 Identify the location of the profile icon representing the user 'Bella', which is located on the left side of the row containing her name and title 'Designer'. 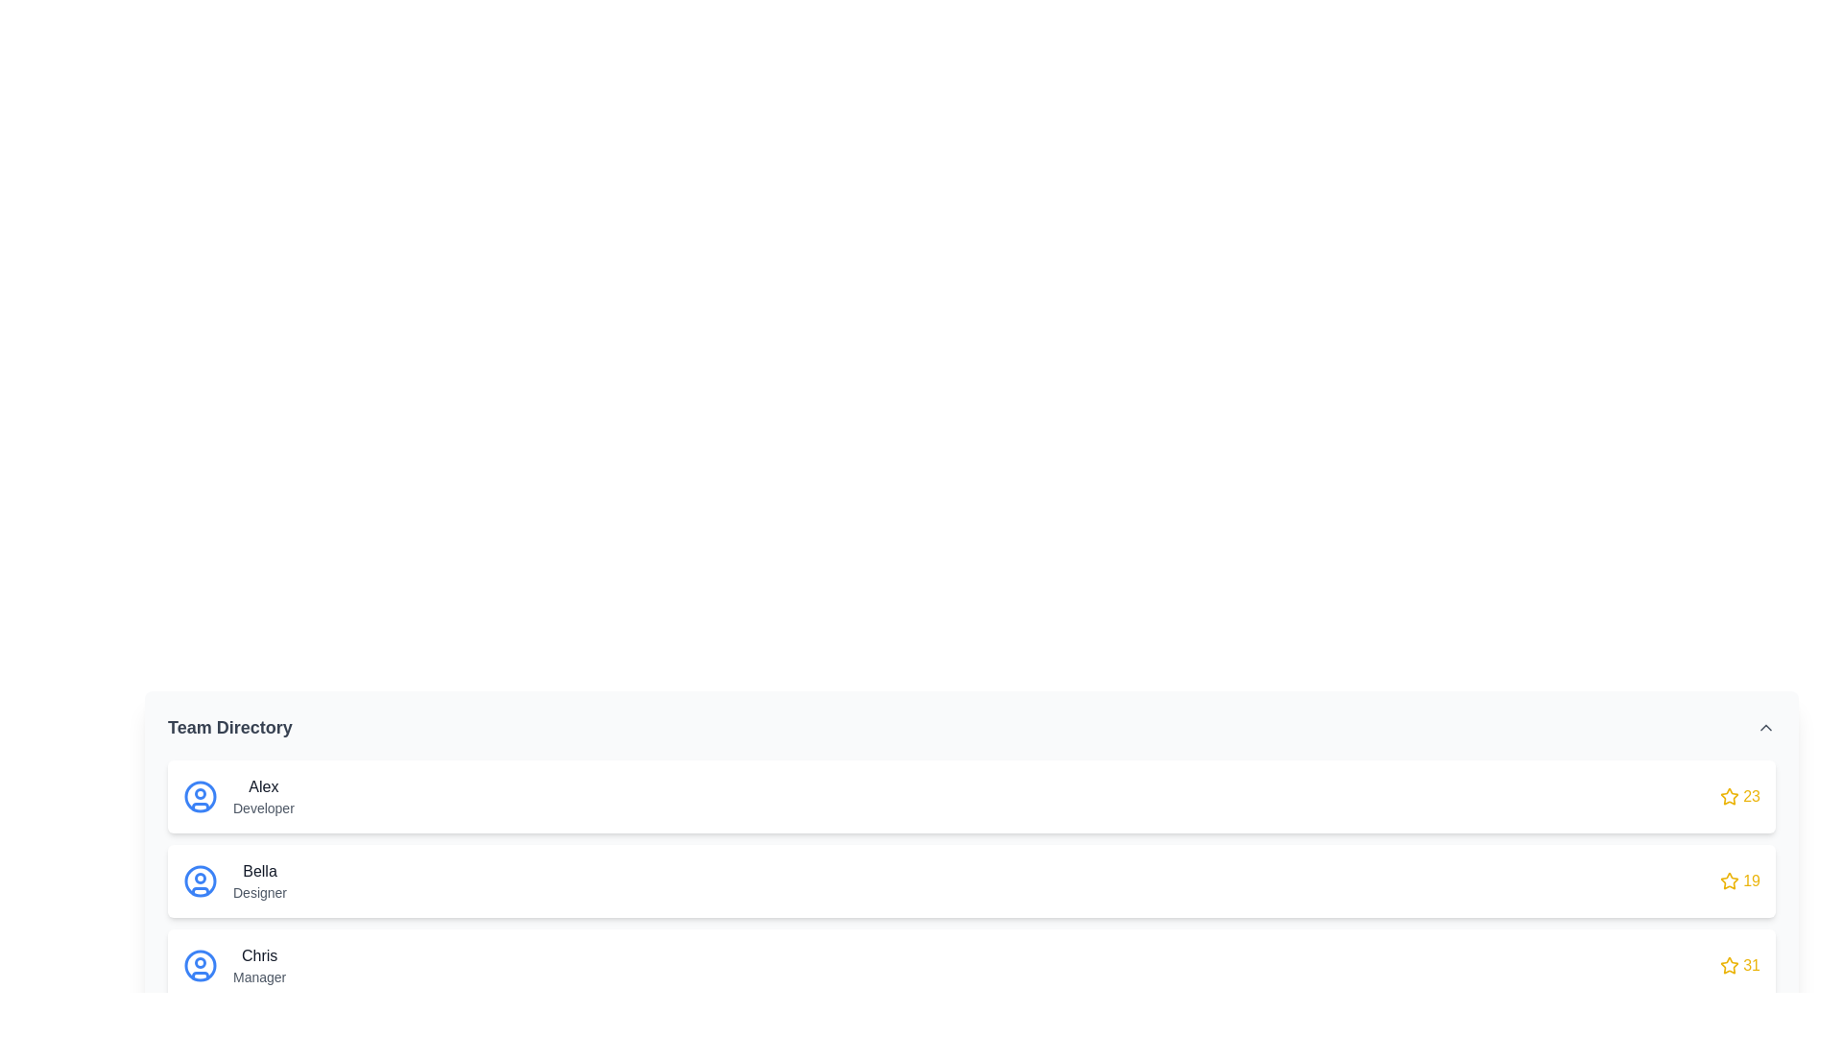
(201, 881).